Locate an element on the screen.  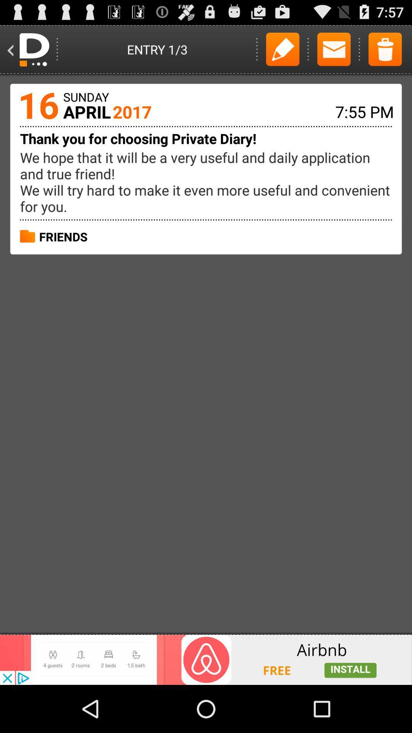
the delete icon is located at coordinates (385, 52).